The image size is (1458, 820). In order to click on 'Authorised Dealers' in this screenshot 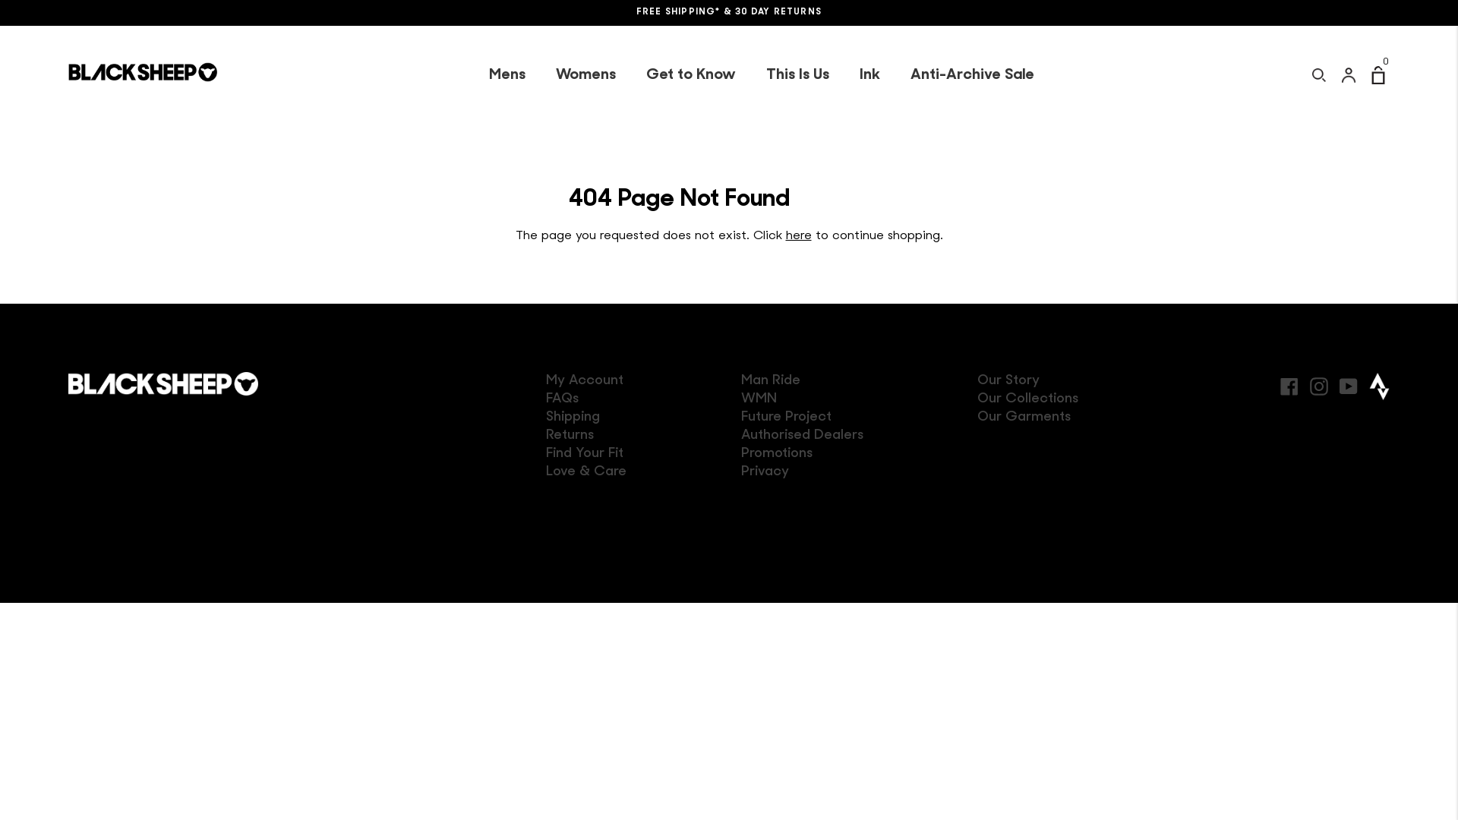, I will do `click(801, 435)`.